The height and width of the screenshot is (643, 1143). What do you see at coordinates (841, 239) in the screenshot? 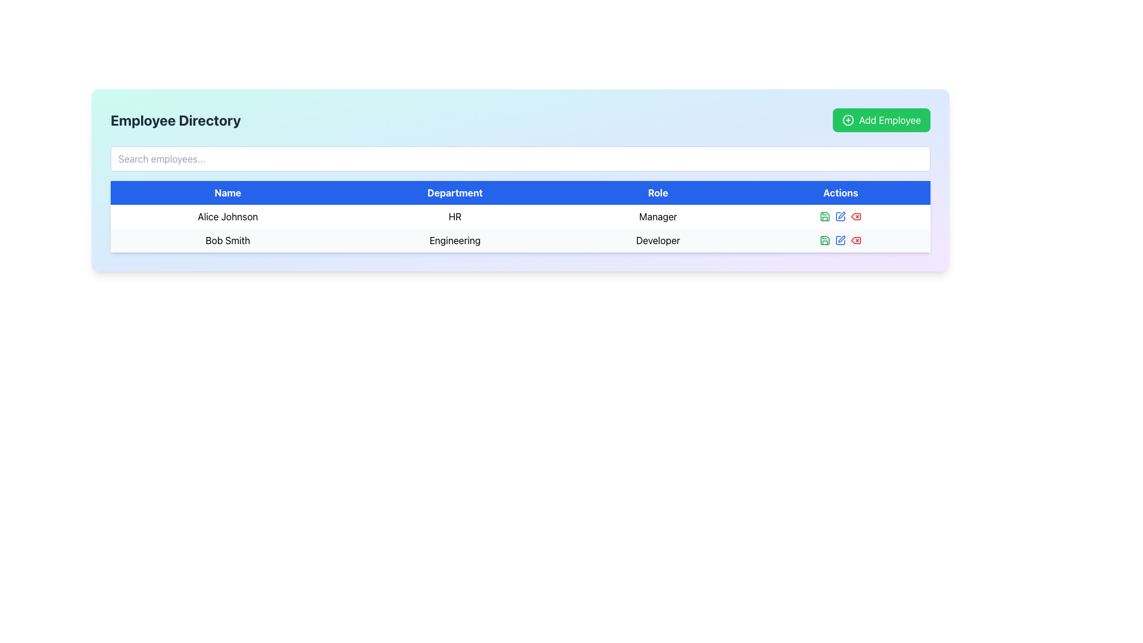
I see `the pen icon located in the 'Actions' column of the second row in the table, to the right of the 'Developer' role` at bounding box center [841, 239].